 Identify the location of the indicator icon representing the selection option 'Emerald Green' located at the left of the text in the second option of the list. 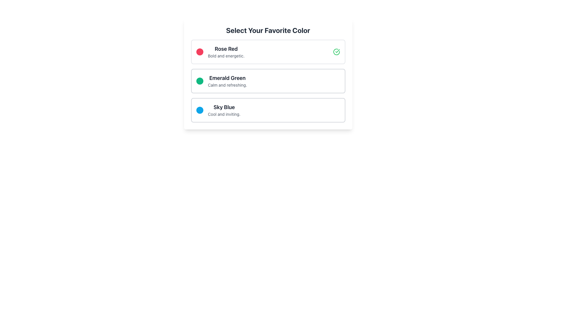
(200, 81).